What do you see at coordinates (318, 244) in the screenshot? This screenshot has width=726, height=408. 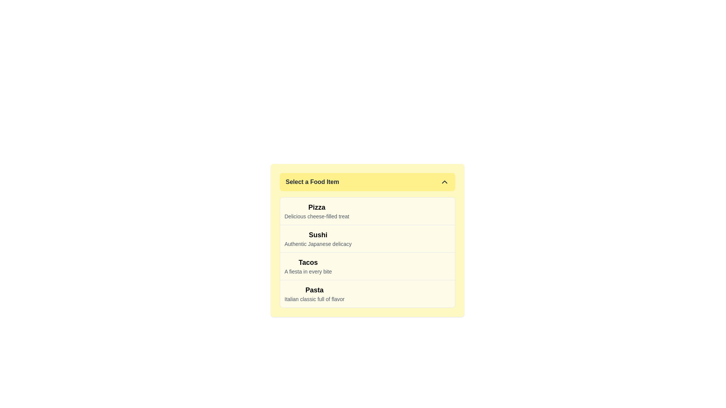 I see `the text label that provides additional details about the food item 'Sushi', which is centrally aligned underneath the title 'Sushi' in the dropdown menu` at bounding box center [318, 244].